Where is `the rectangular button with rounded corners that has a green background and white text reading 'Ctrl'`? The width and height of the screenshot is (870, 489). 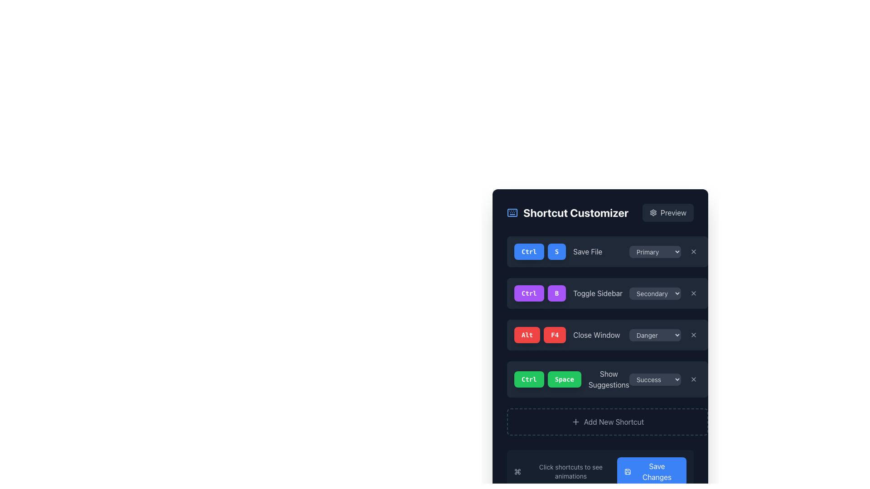
the rectangular button with rounded corners that has a green background and white text reading 'Ctrl' is located at coordinates (529, 379).